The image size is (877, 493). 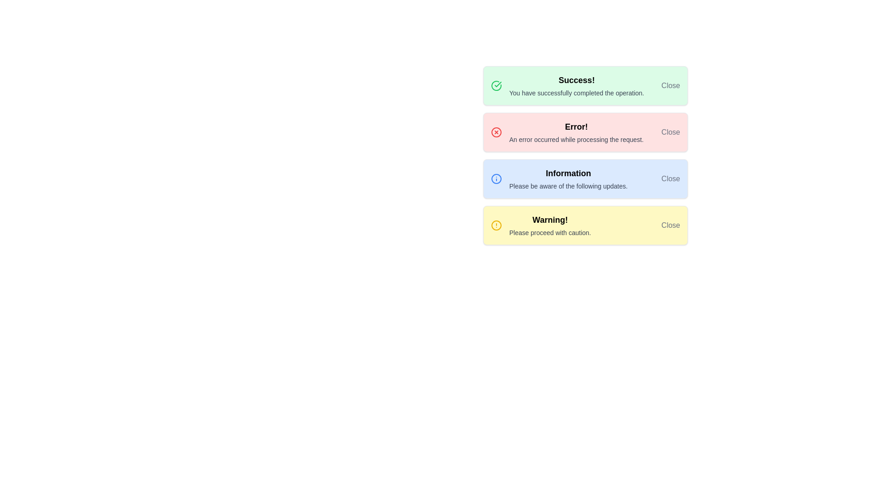 I want to click on the text label at the top of the green alert box, which serves as a confirmation of success, so click(x=576, y=80).